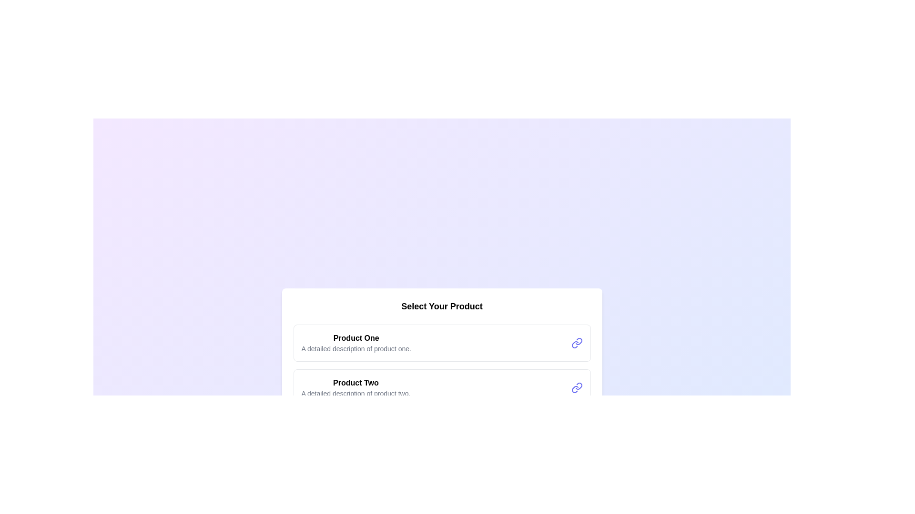  Describe the element at coordinates (441, 387) in the screenshot. I see `the 'Learn More' link on the Card that provides information about 'Product Two', which is the second option in a vertically stacked list` at that location.